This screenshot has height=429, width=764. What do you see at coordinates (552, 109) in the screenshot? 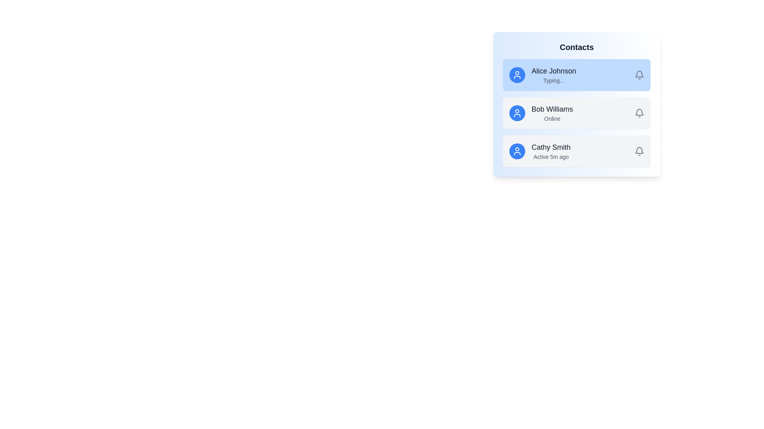
I see `the text label displaying 'Bob Williams' in the user contact list` at bounding box center [552, 109].